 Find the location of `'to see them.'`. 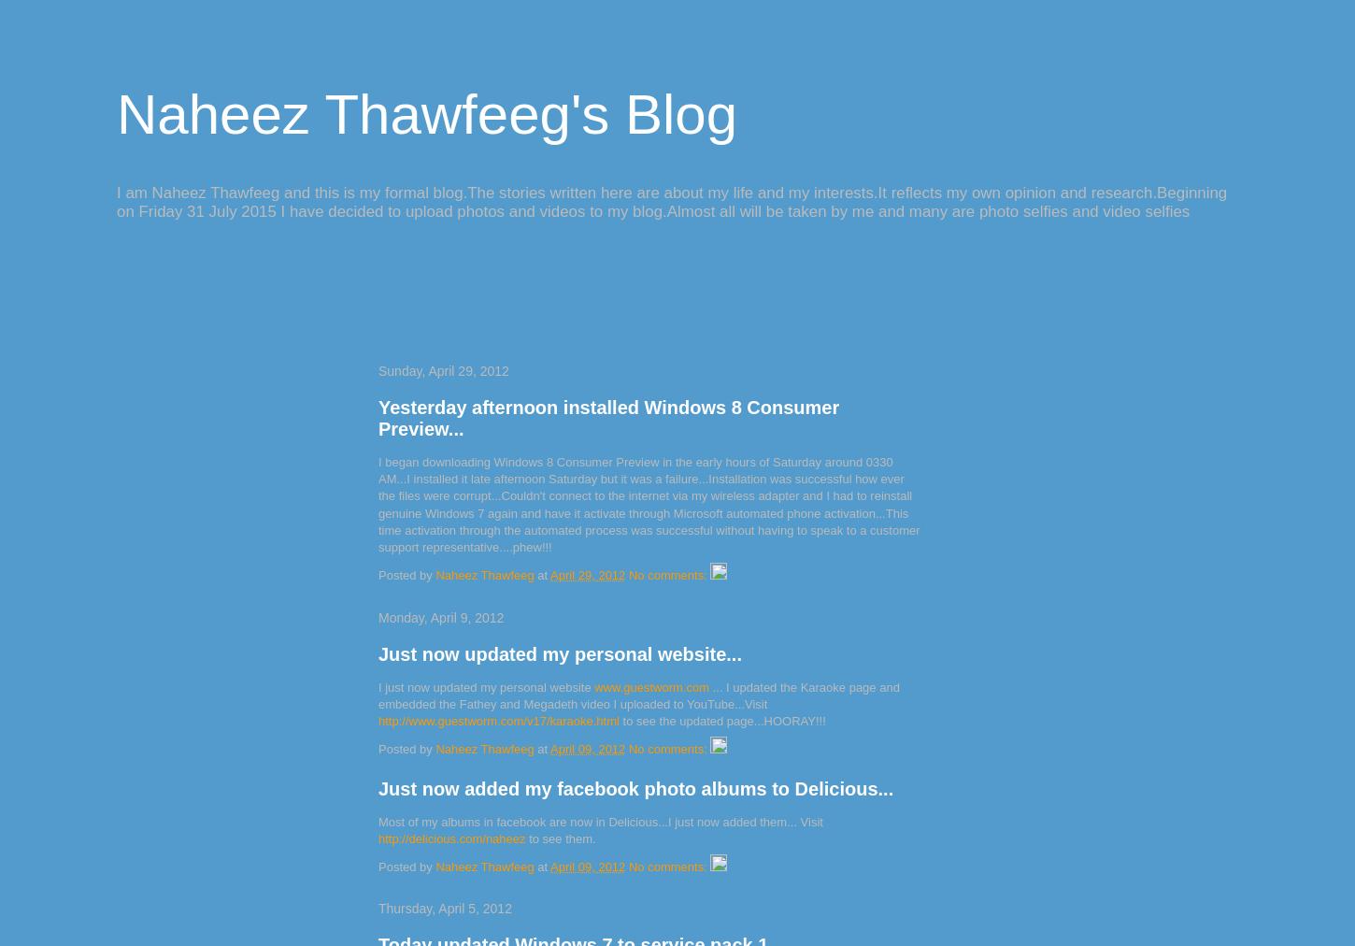

'to see them.' is located at coordinates (560, 838).